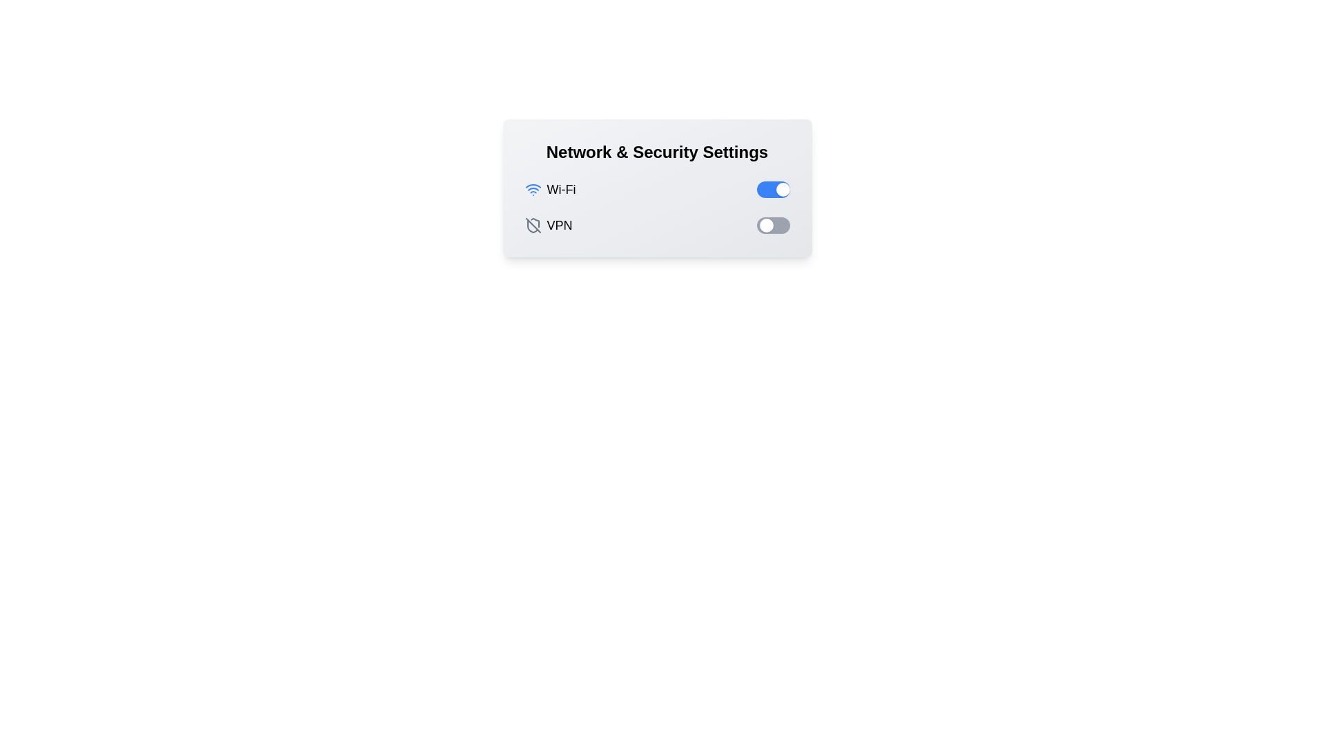  I want to click on the Wi-Fi Text Label with Icon located in the 'Network & Security Settings' section, which is the first item on the left side of the header, so click(549, 189).